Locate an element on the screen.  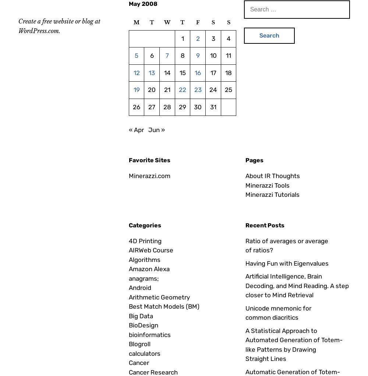
'15' is located at coordinates (182, 72).